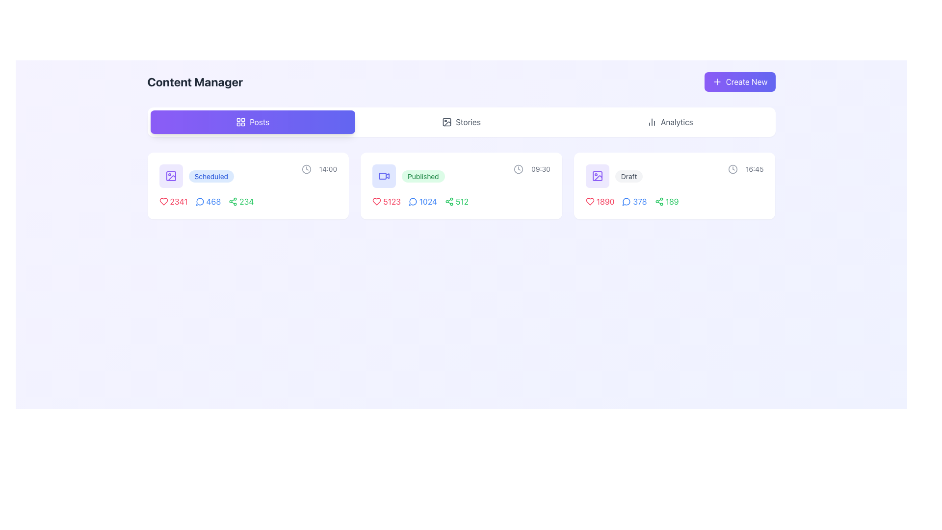  I want to click on the comments count element, which is the second item in the sequence of likes, comments, and shares, so click(420, 201).